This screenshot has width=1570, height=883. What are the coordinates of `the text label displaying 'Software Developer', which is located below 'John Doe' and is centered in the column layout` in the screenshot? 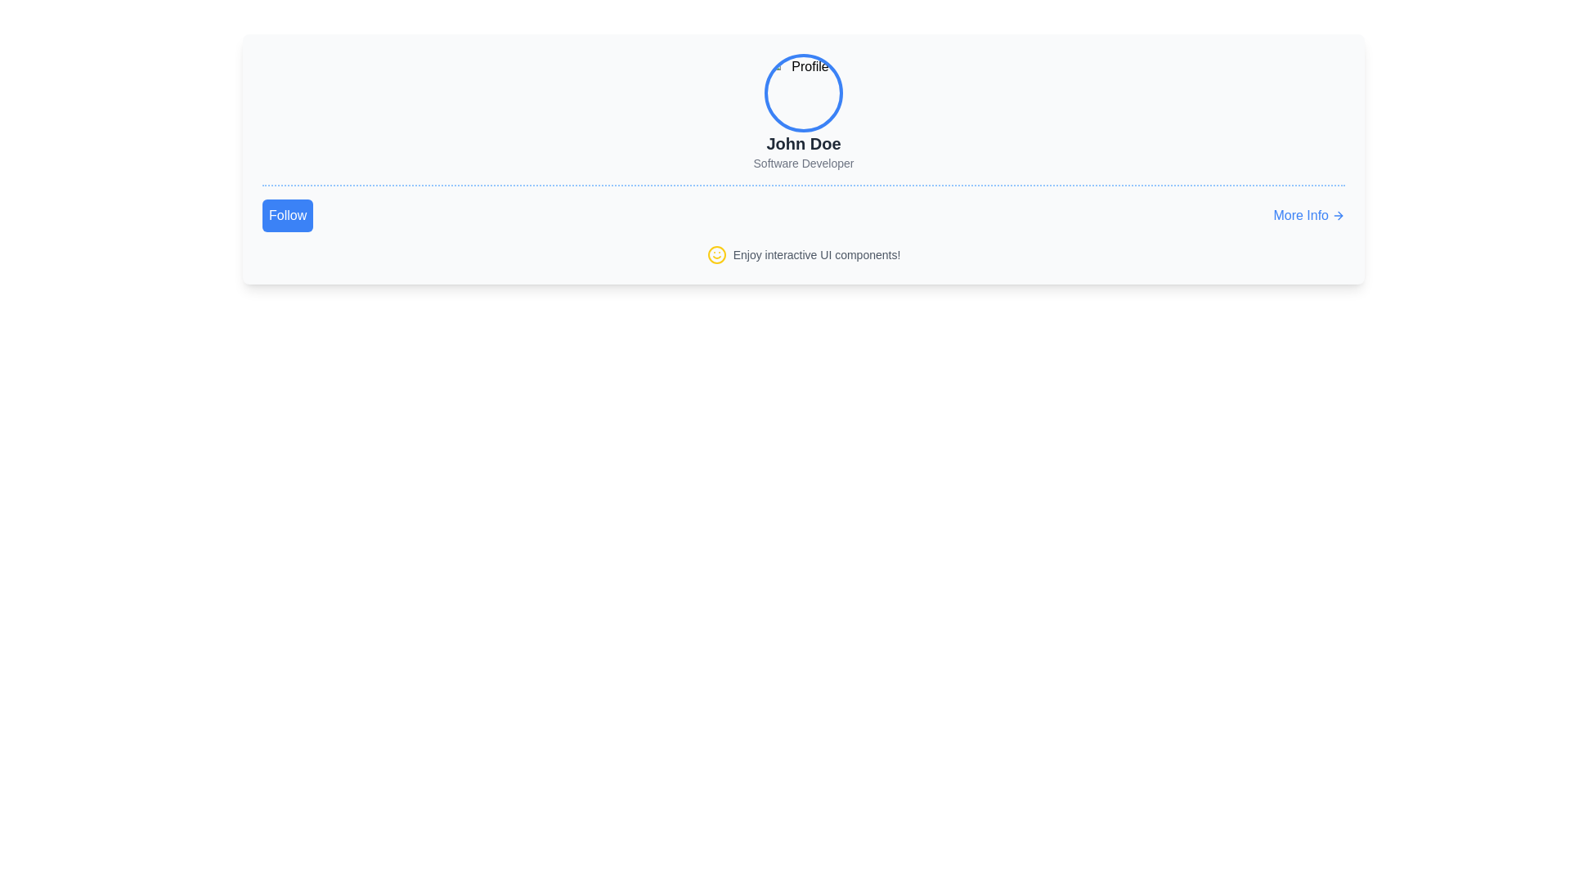 It's located at (804, 164).